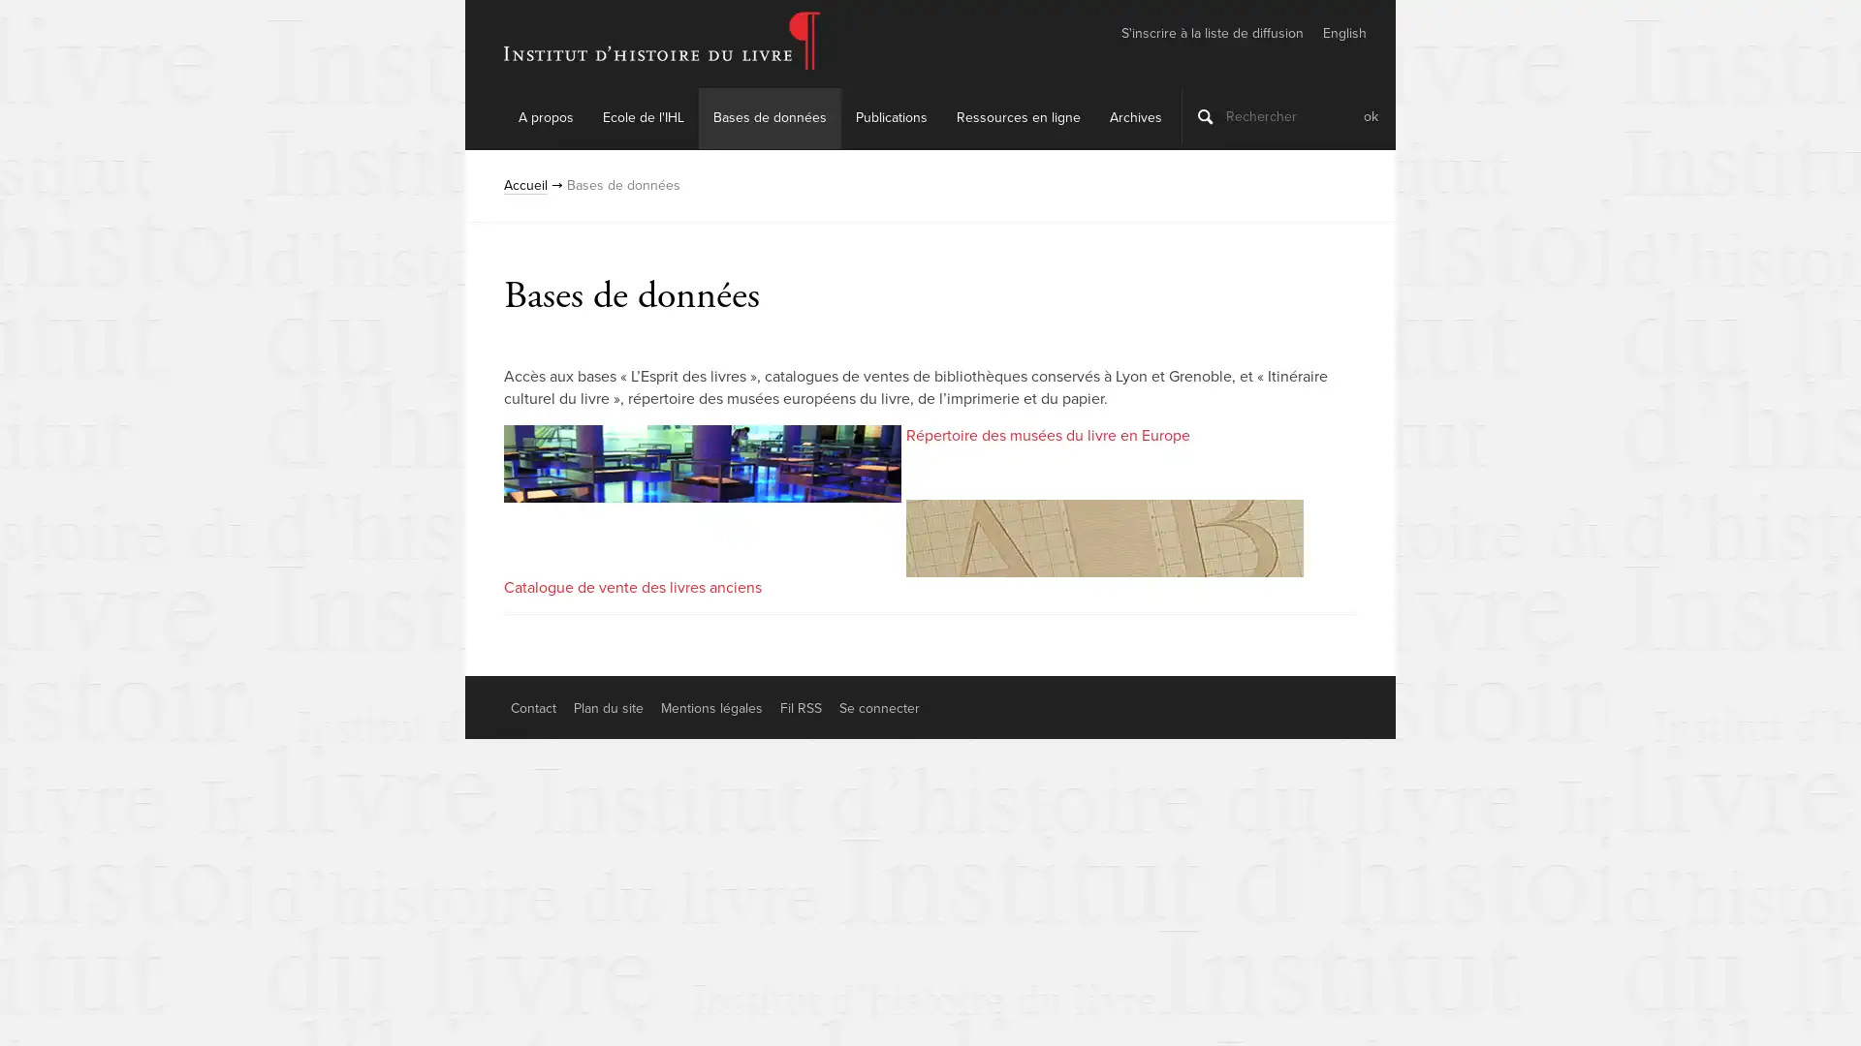  What do you see at coordinates (1370, 115) in the screenshot?
I see `ok` at bounding box center [1370, 115].